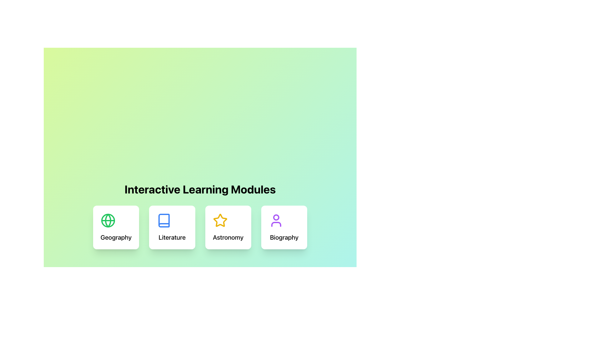 The width and height of the screenshot is (600, 337). What do you see at coordinates (172, 237) in the screenshot?
I see `the text label that serves as a title for the interactive module about Literature, positioned directly below a blue book icon` at bounding box center [172, 237].